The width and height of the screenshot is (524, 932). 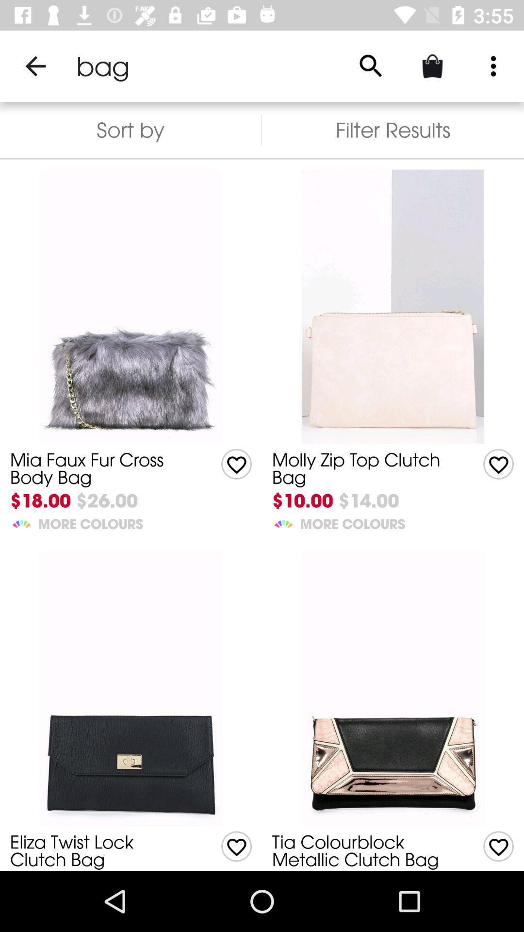 I want to click on the tia colourblock metallic item, so click(x=362, y=850).